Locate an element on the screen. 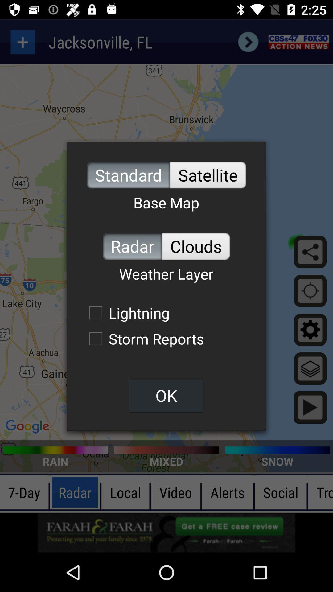 This screenshot has width=333, height=592. item above weather layer item is located at coordinates (196, 246).